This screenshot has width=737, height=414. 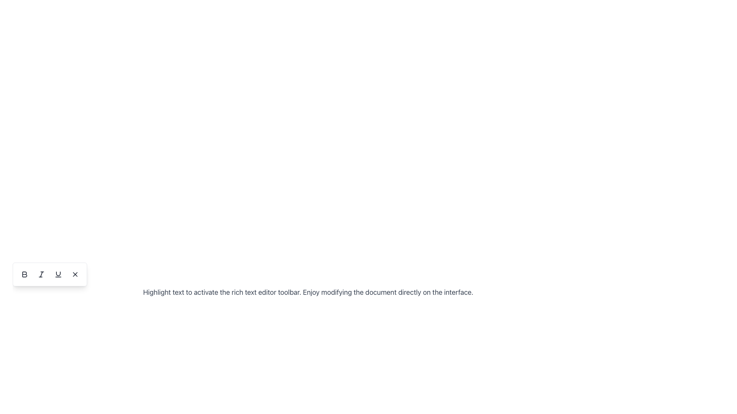 I want to click on the first button in the text editor's toolbar, so click(x=24, y=274).